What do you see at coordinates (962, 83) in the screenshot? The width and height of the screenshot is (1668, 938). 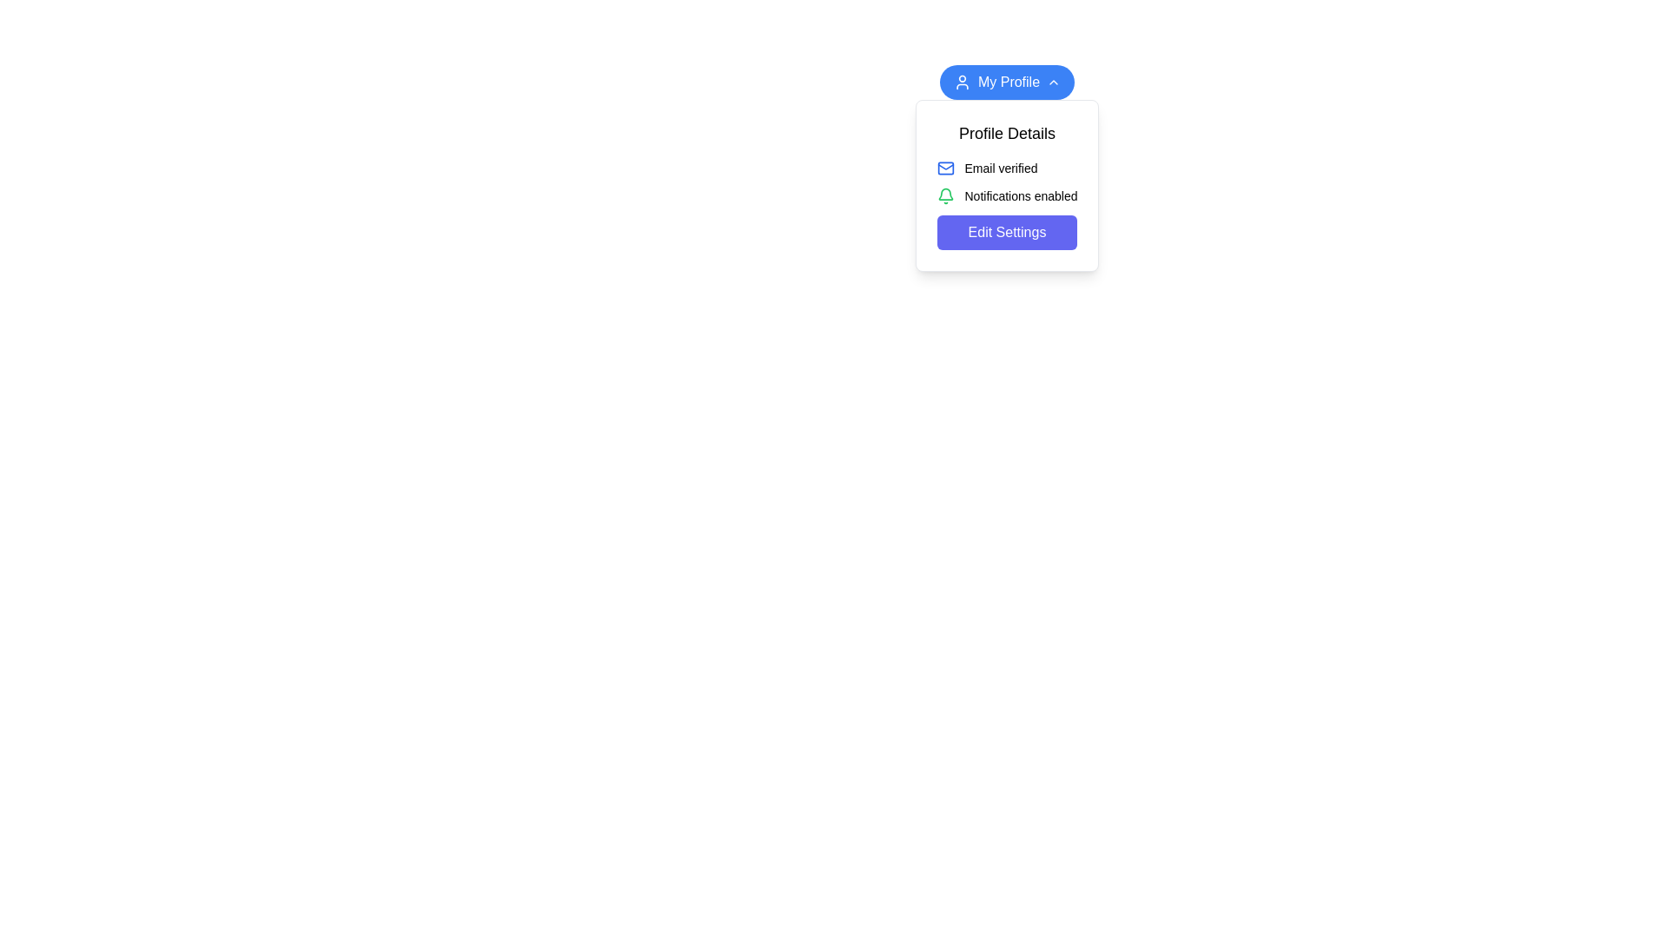 I see `the user icon represented as an SVG image within the 'My Profile' button` at bounding box center [962, 83].